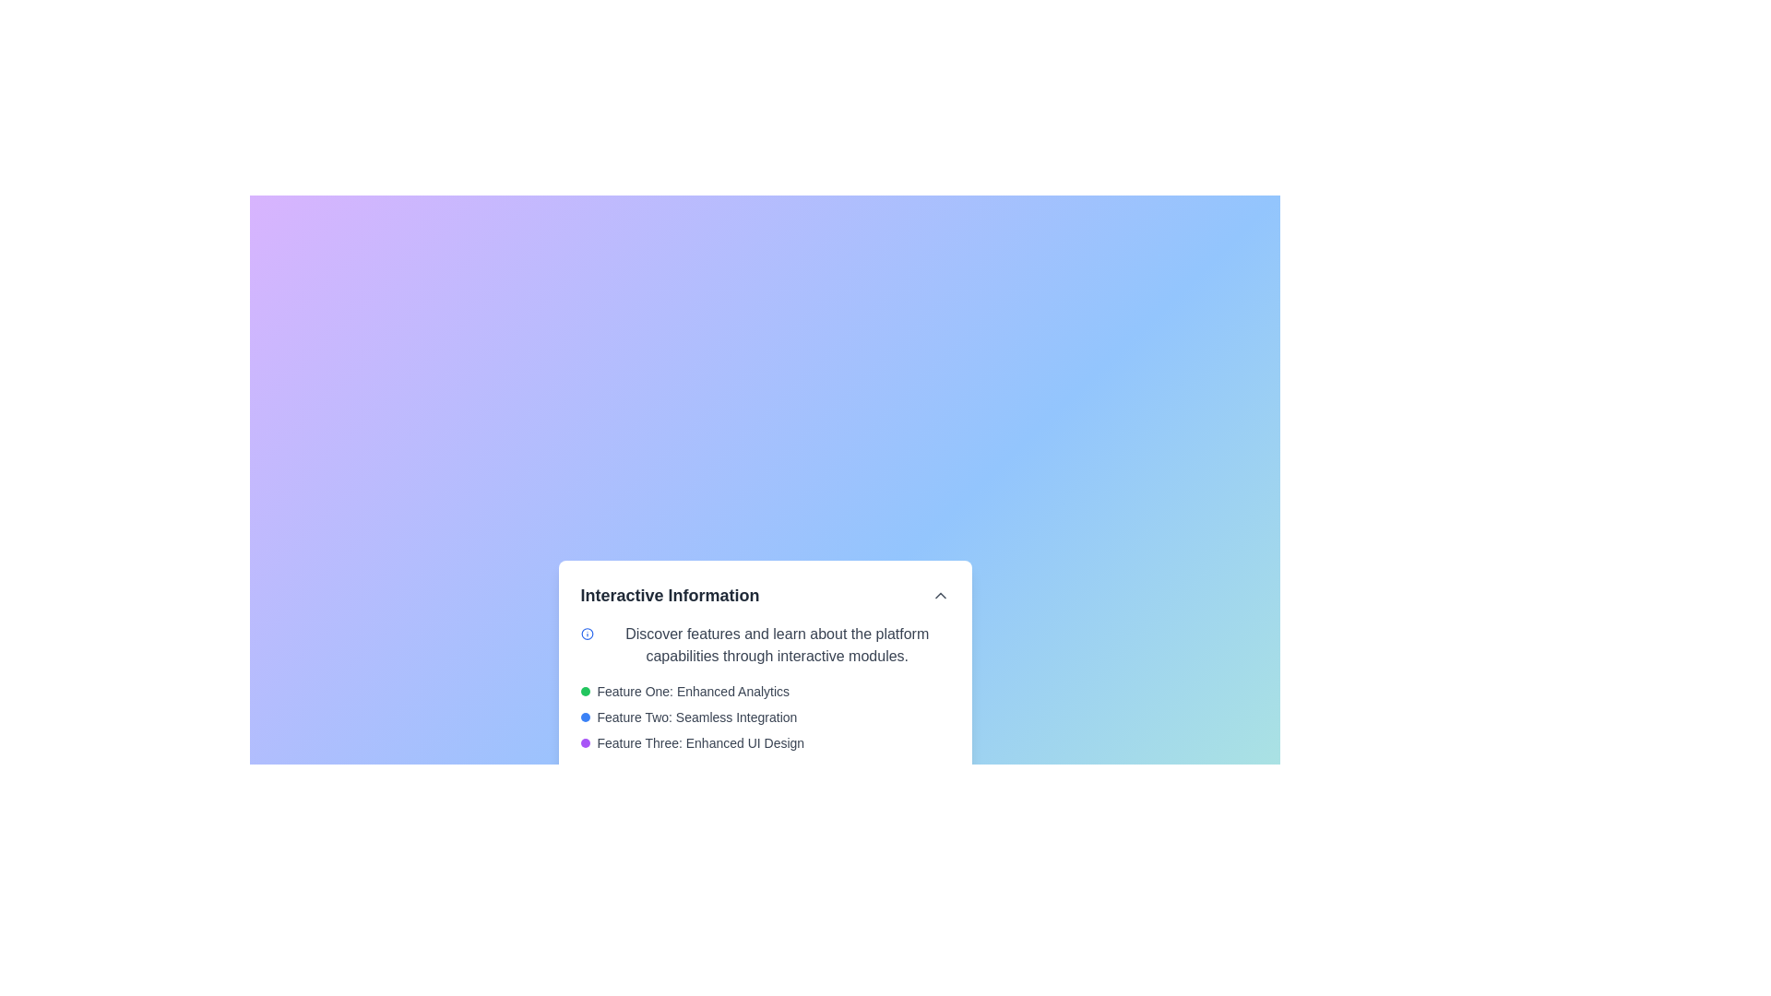 Image resolution: width=1771 pixels, height=996 pixels. I want to click on the text label reading 'Feature Two: Seamless Integration', which is styled with a small font size and gray color, positioned in a list of features between 'Feature One: Enhanced Analytics' and 'Feature Three: Enhanced UI Design', so click(695, 717).